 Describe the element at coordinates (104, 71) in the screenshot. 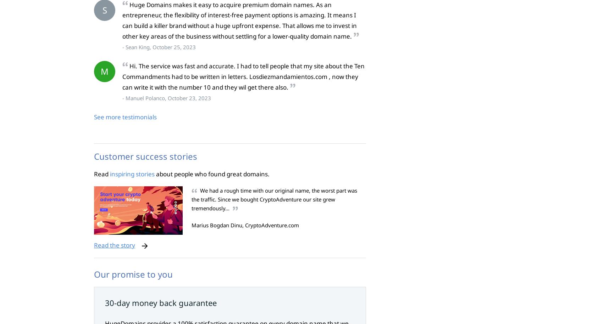

I see `'M'` at that location.